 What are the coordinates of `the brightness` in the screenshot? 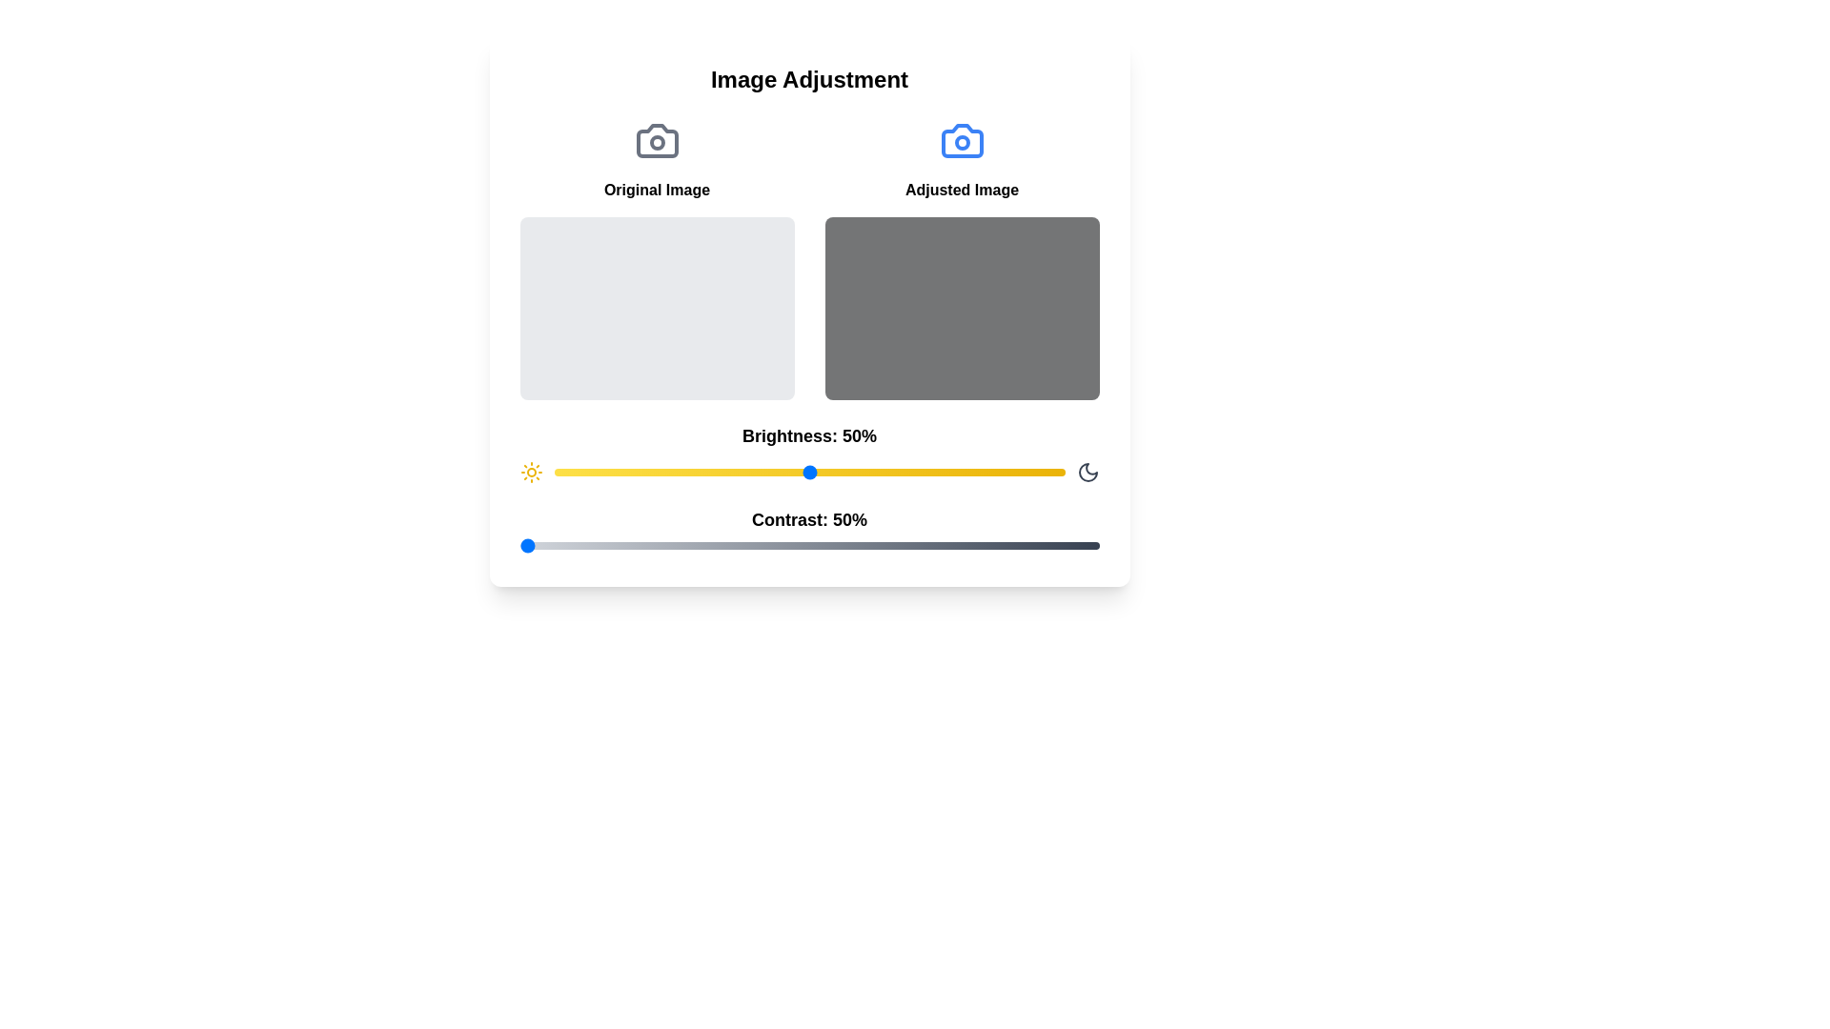 It's located at (829, 472).